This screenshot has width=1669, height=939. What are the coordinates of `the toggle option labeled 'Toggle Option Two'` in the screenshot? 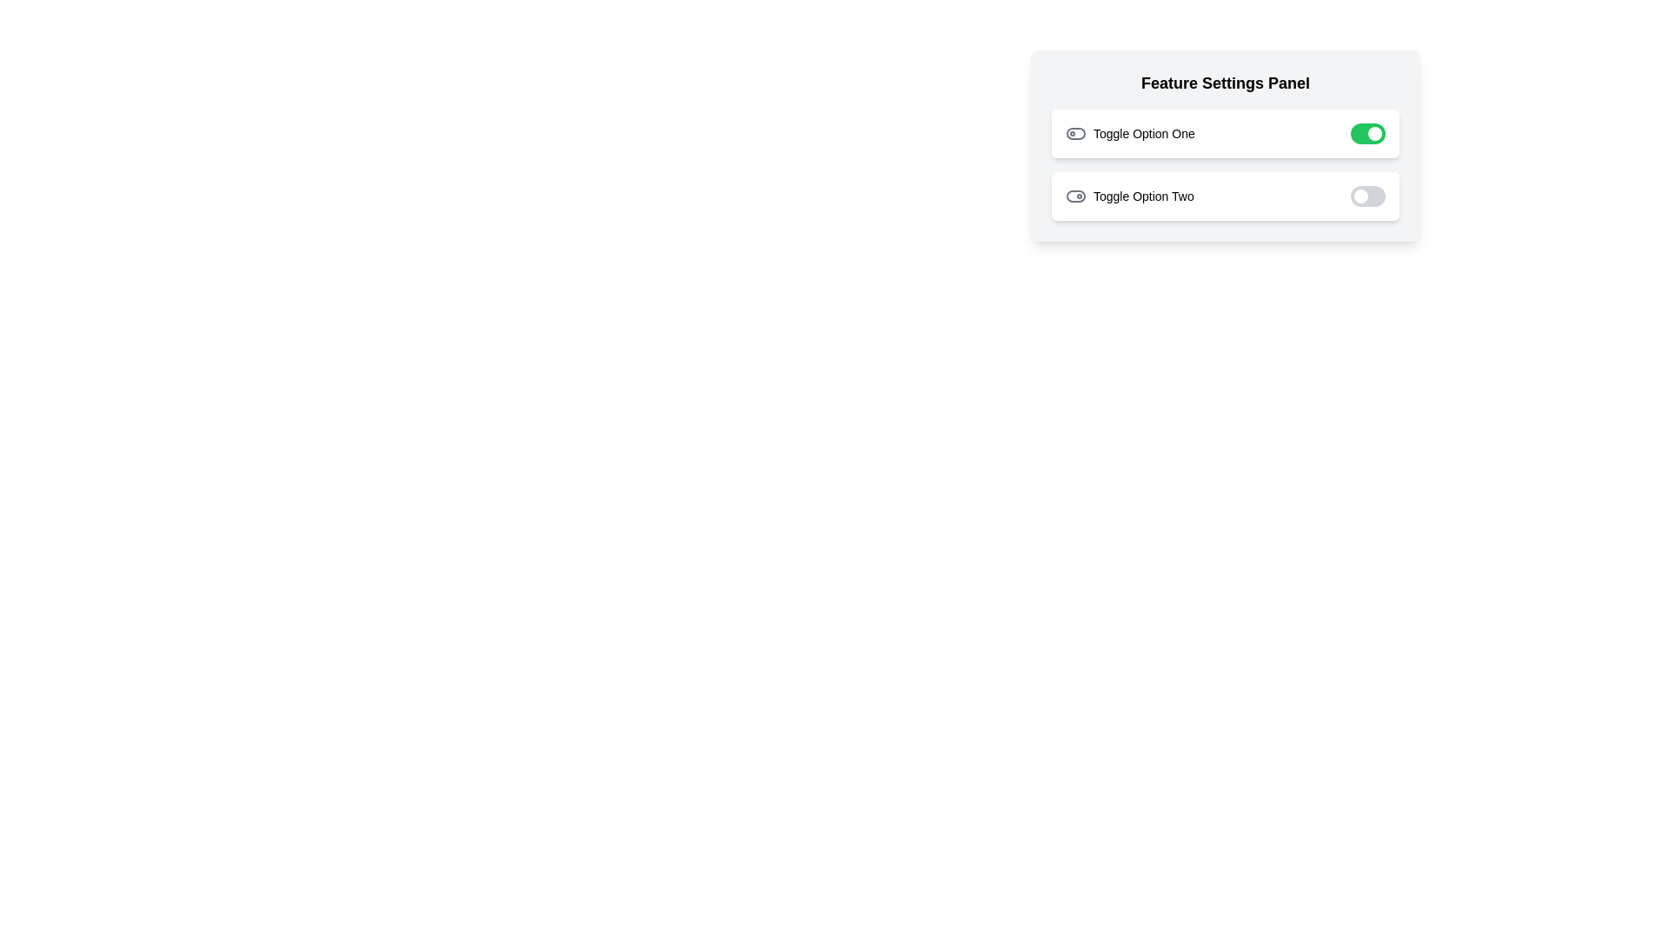 It's located at (1129, 196).